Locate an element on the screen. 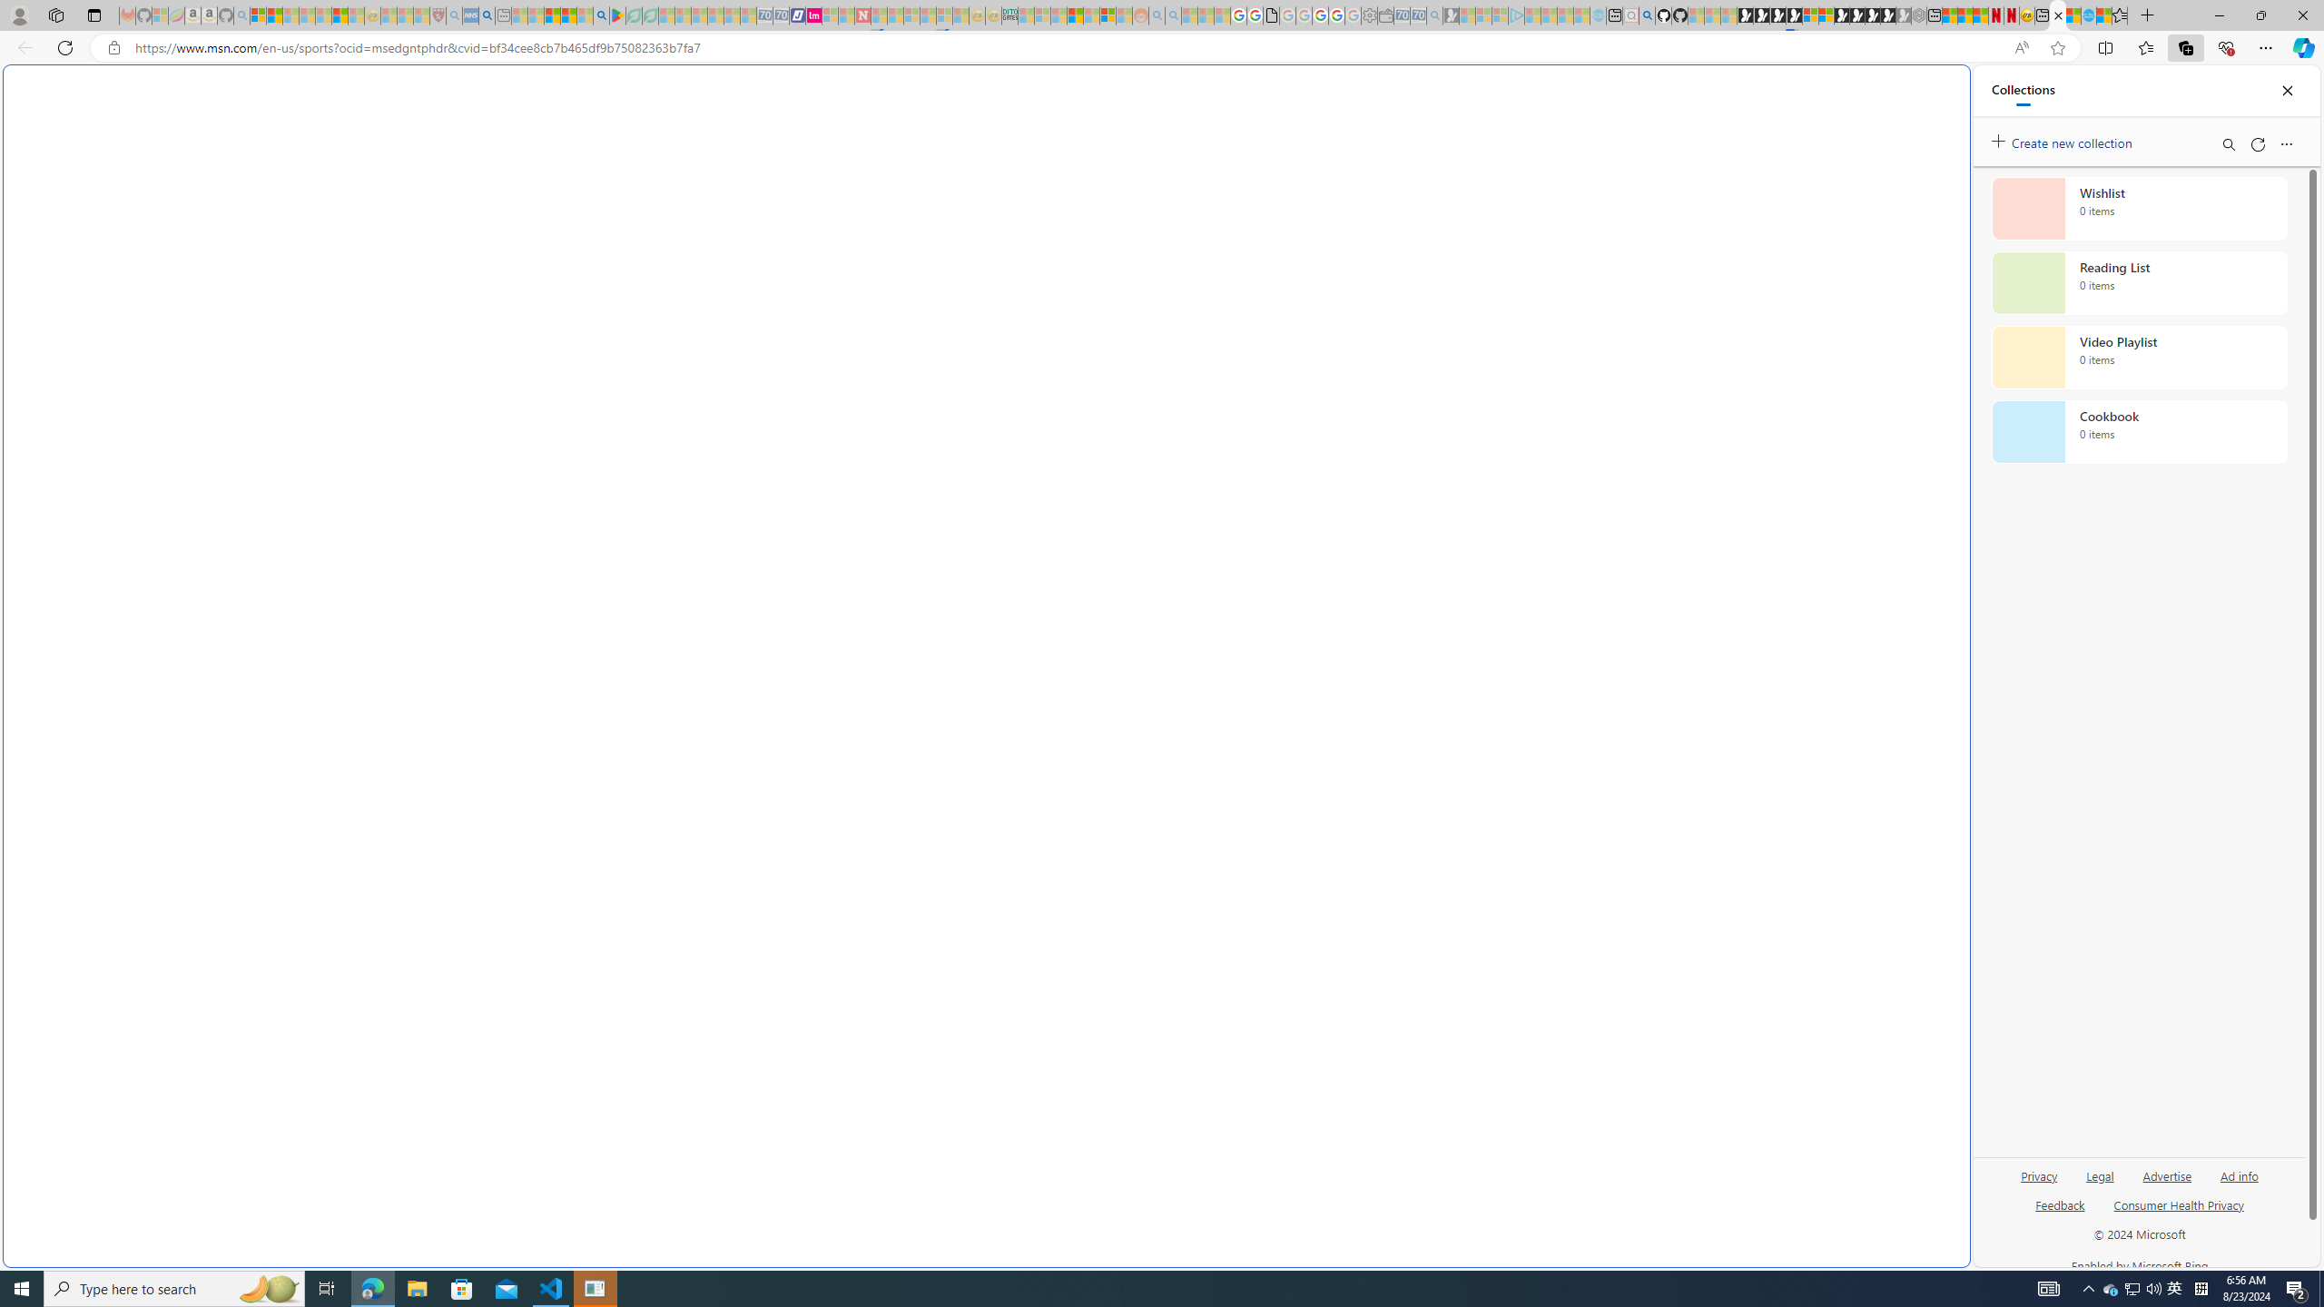 This screenshot has width=2324, height=1307. 'Video Playlist collection, 0 items' is located at coordinates (2139, 356).